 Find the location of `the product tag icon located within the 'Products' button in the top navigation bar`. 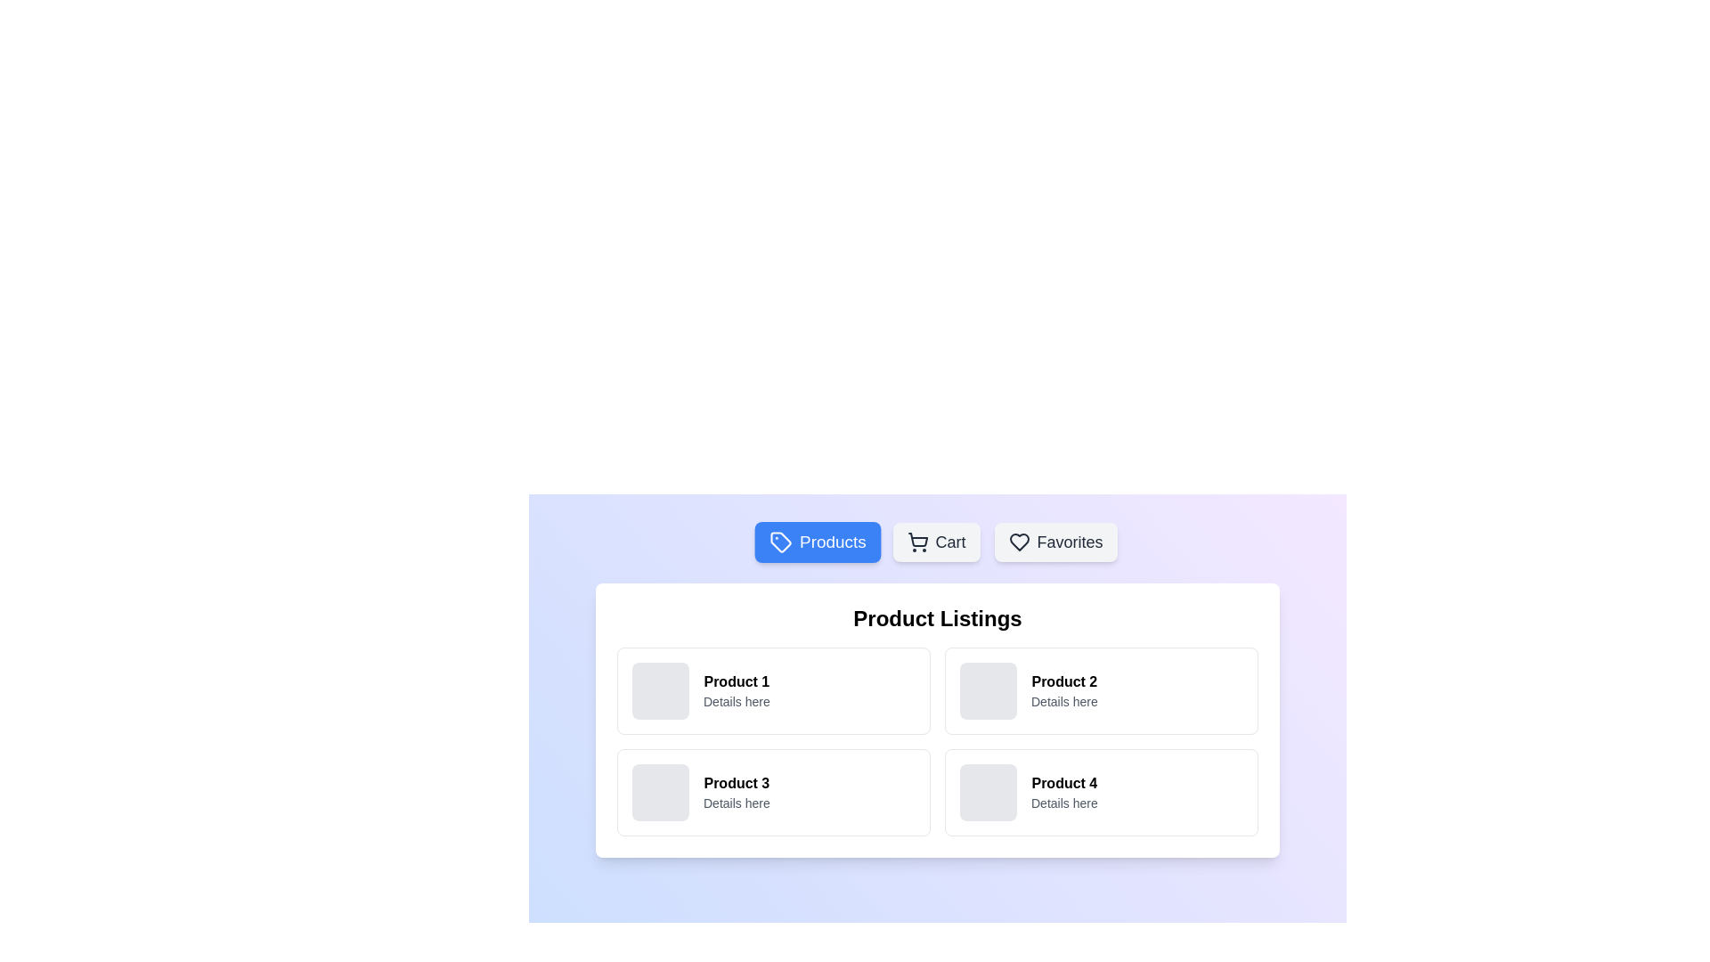

the product tag icon located within the 'Products' button in the top navigation bar is located at coordinates (781, 542).